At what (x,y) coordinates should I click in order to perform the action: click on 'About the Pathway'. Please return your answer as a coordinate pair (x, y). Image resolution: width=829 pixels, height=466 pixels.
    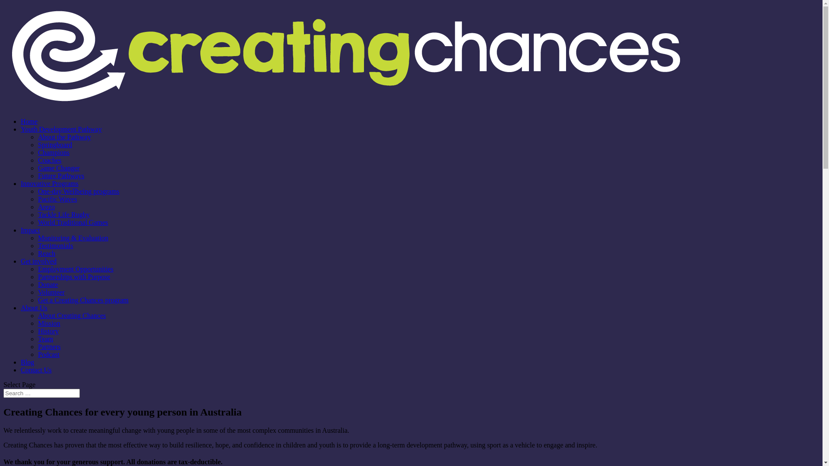
    Looking at the image, I should click on (64, 136).